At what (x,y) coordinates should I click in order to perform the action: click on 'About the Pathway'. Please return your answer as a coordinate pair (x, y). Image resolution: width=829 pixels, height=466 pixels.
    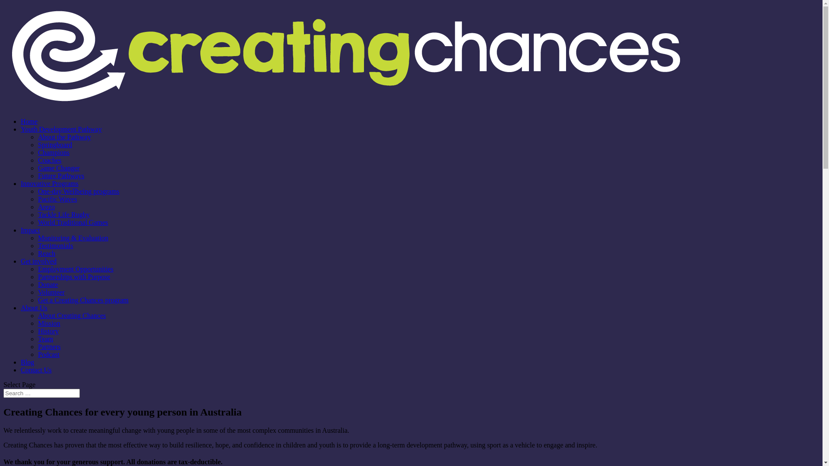
    Looking at the image, I should click on (64, 136).